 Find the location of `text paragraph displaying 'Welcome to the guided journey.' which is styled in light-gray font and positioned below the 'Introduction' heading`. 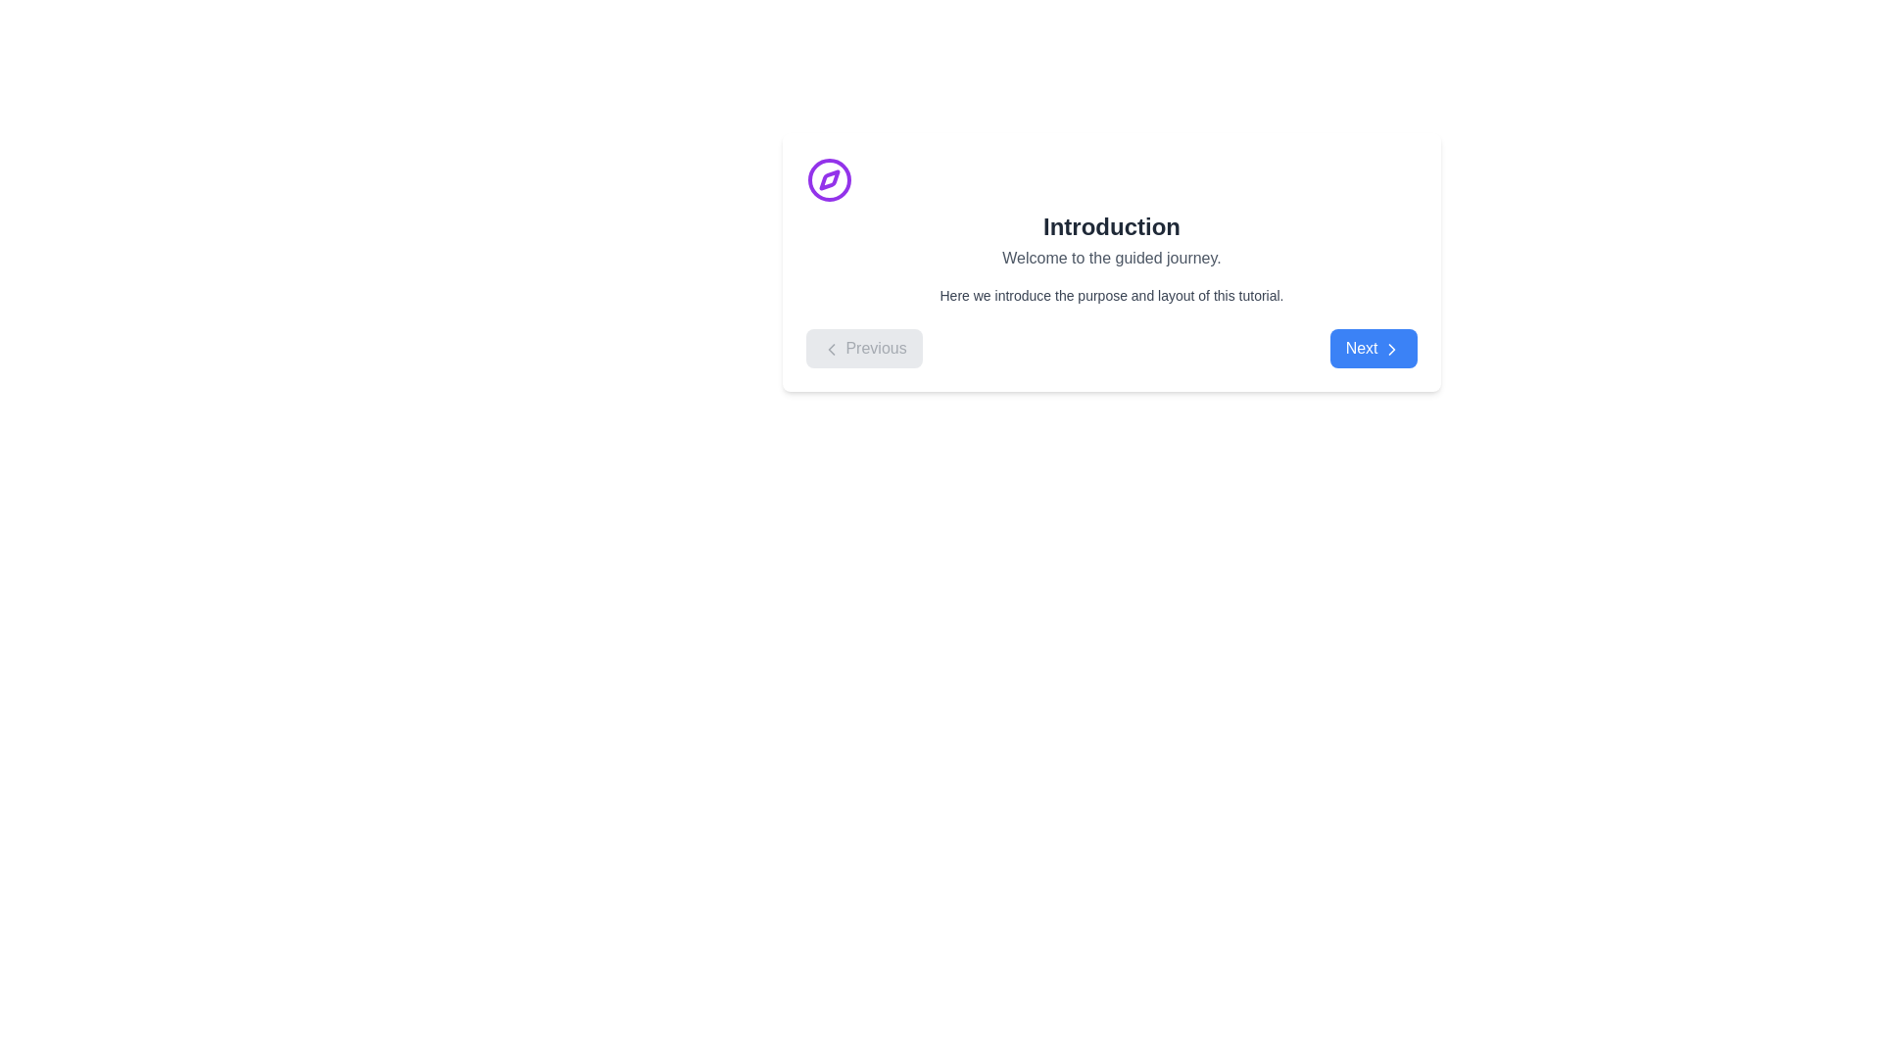

text paragraph displaying 'Welcome to the guided journey.' which is styled in light-gray font and positioned below the 'Introduction' heading is located at coordinates (1111, 257).